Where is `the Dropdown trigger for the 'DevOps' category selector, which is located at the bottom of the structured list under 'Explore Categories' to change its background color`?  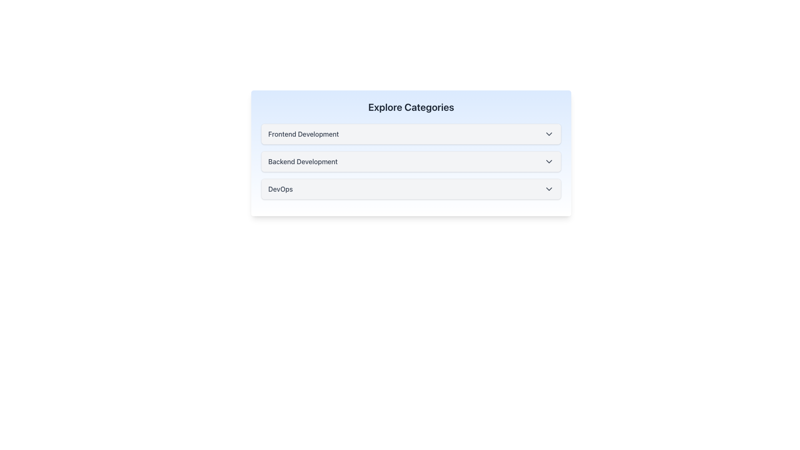
the Dropdown trigger for the 'DevOps' category selector, which is located at the bottom of the structured list under 'Explore Categories' to change its background color is located at coordinates (411, 189).